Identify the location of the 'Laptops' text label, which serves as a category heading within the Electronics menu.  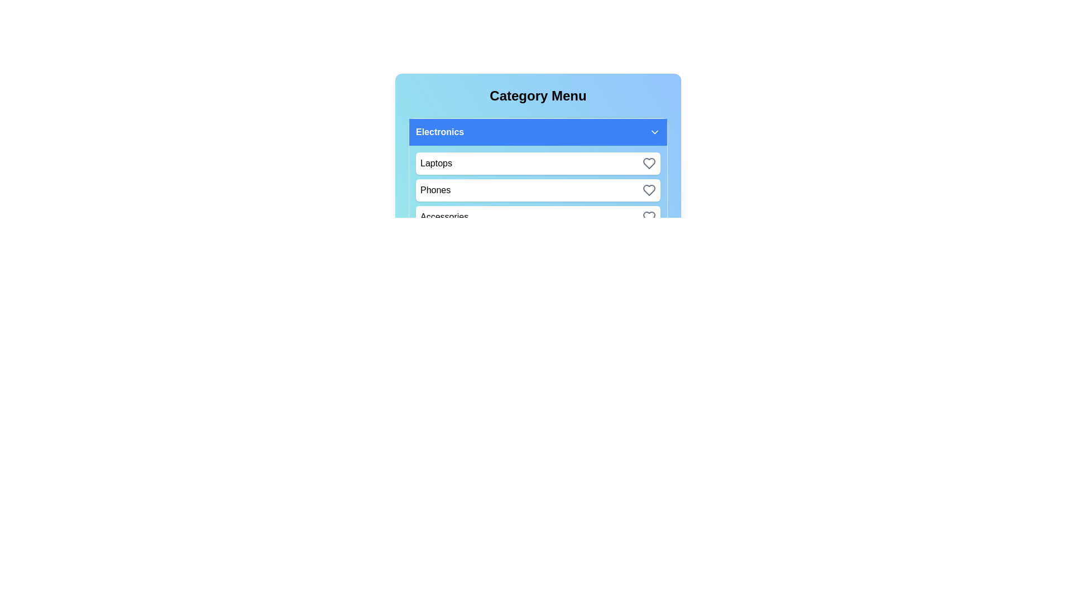
(435, 164).